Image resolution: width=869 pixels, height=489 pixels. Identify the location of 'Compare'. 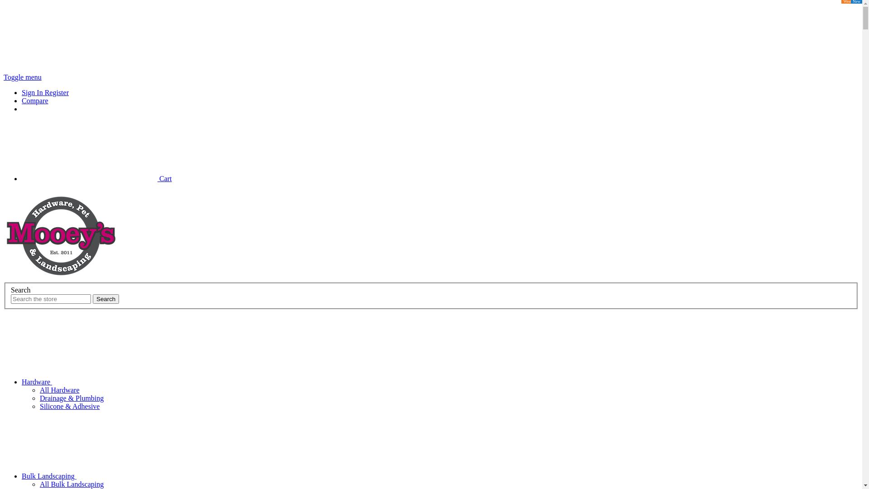
(22, 101).